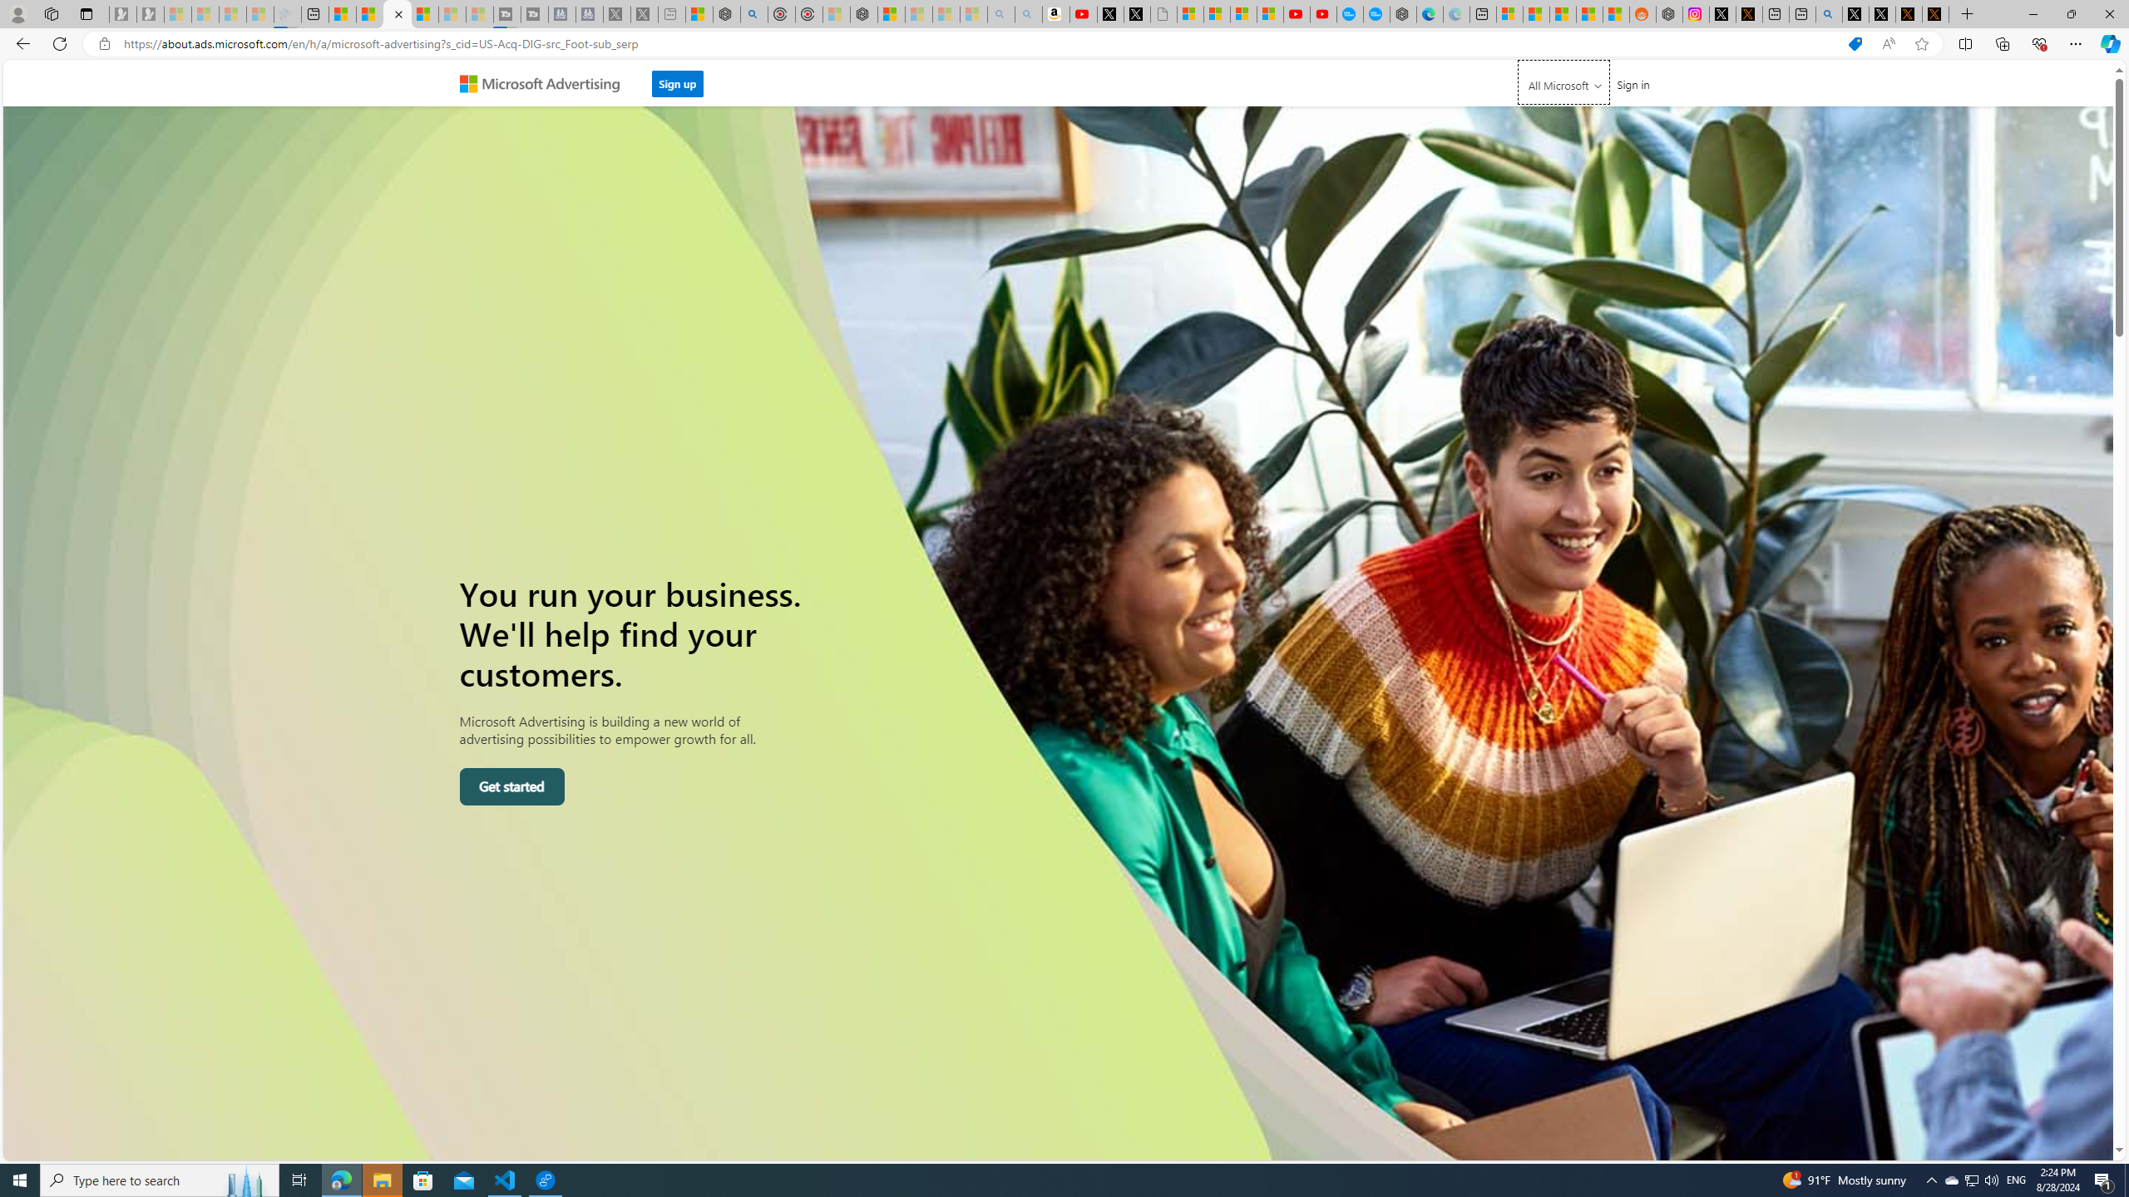  Describe the element at coordinates (1830, 13) in the screenshot. I see `'github - Search'` at that location.